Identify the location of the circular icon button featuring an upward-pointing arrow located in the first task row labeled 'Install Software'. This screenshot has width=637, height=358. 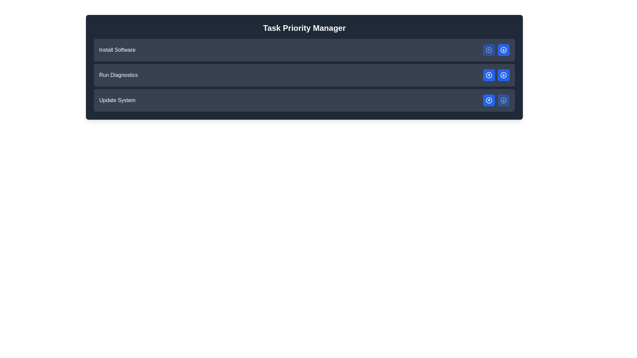
(489, 49).